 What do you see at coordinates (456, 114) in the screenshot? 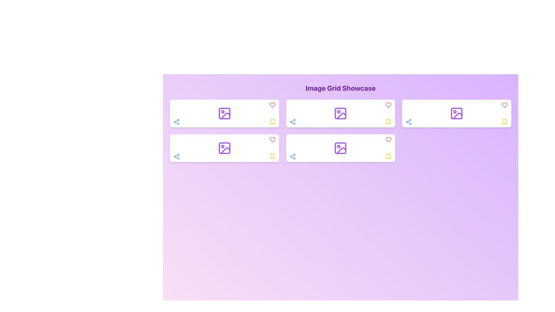
I see `the icon representing an image or gallery located centrally within the top-right card of the grid titled 'Image Grid Showcase'` at bounding box center [456, 114].